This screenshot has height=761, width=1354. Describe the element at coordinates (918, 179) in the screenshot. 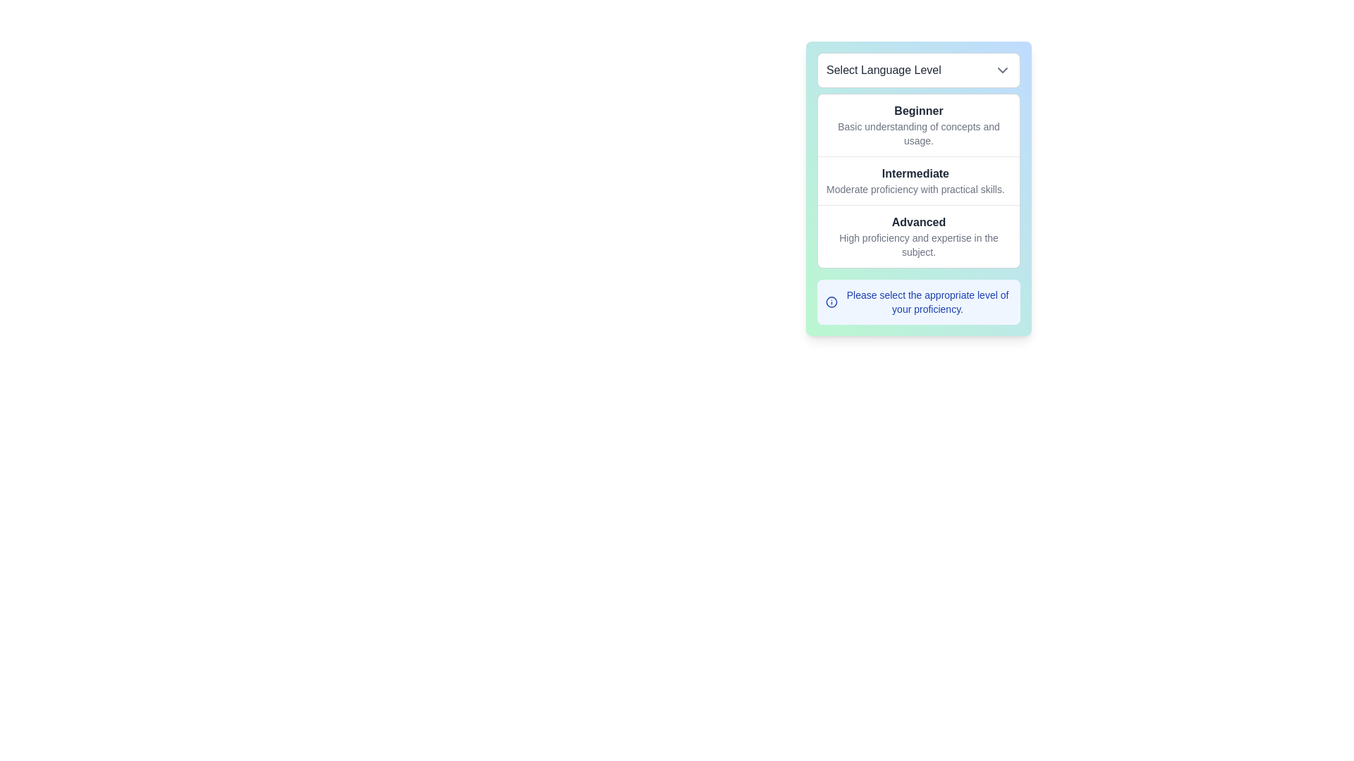

I see `the 'Intermediate' textual selection menu item in the dropdown menu` at that location.